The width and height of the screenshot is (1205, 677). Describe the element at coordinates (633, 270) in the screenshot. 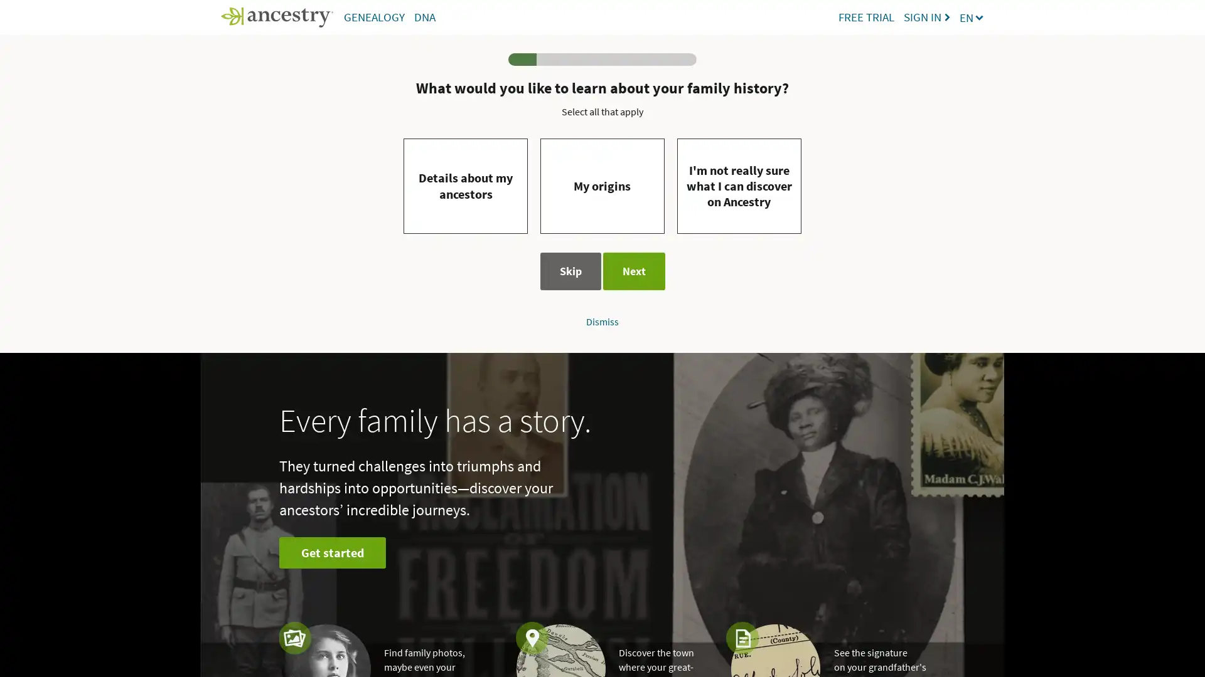

I see `Next` at that location.